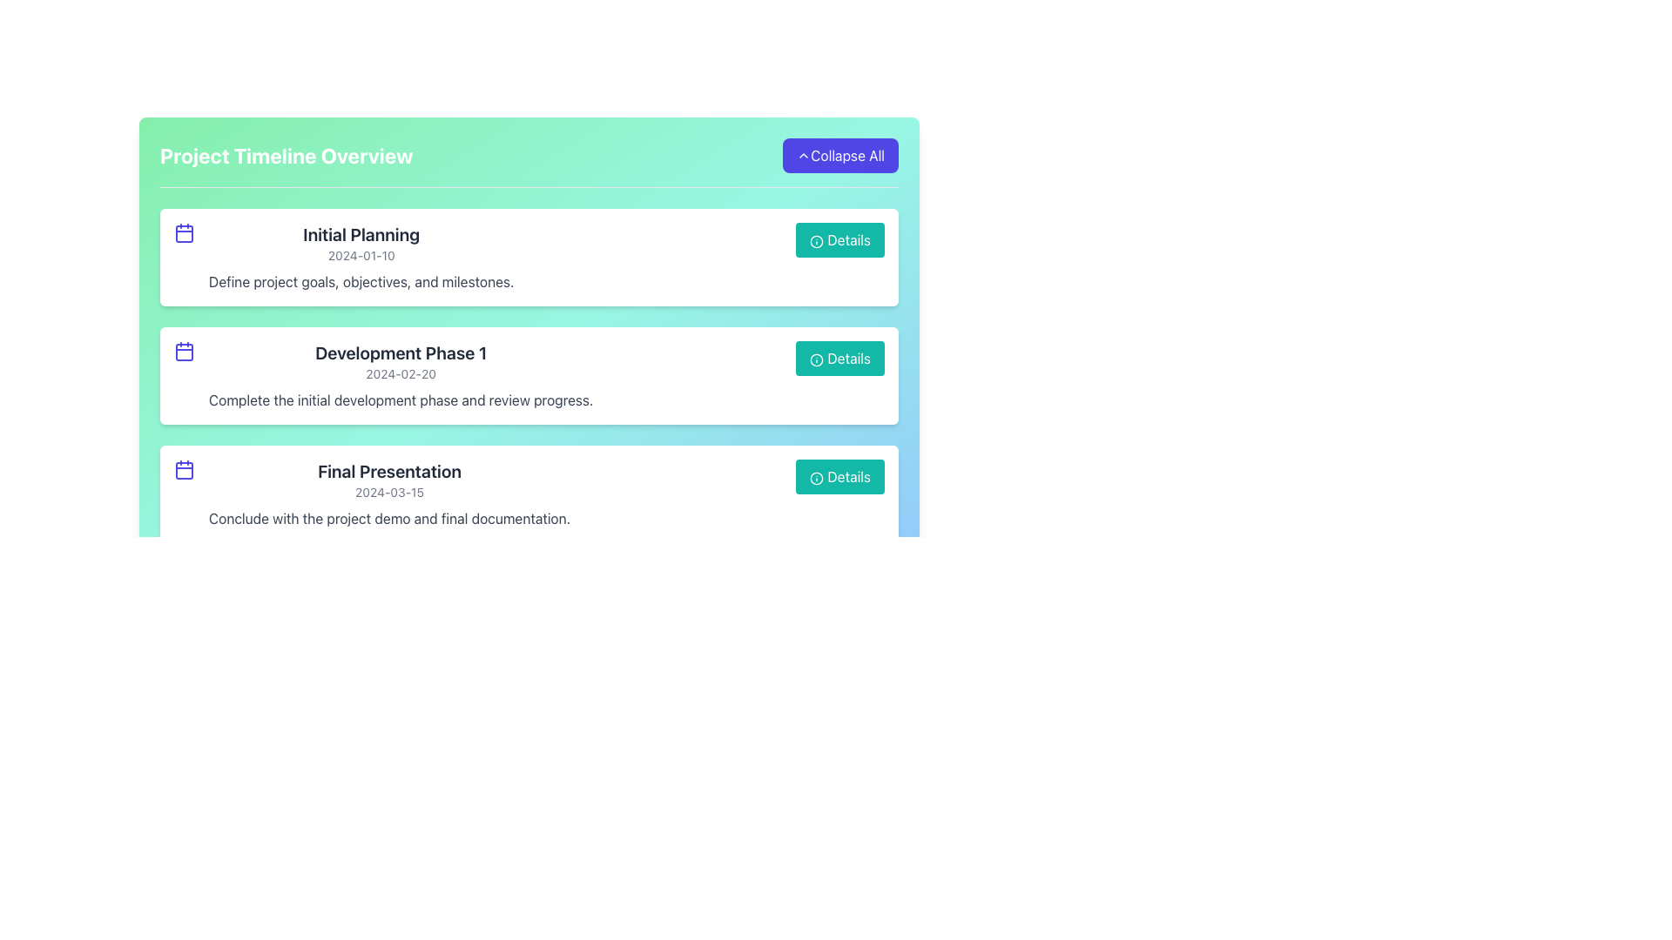 Image resolution: width=1672 pixels, height=940 pixels. I want to click on the button located at the top-right of the 'Development Phase 1' card, so click(839, 358).